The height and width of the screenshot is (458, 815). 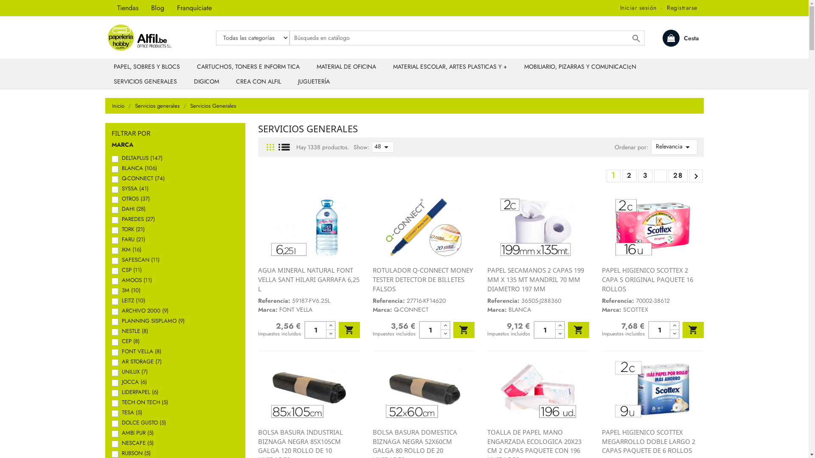 I want to click on 'MATERIAL DE OFICINA', so click(x=346, y=66).